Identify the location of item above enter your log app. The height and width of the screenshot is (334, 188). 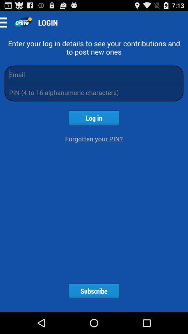
(23, 22).